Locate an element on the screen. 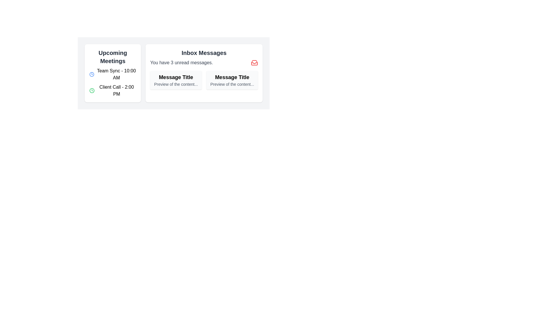  the meeting time icon located to the left of the text 'Team Sync - 10:00 AM' in the 'Upcoming Meetings' section, which is the first item among its siblings is located at coordinates (91, 74).